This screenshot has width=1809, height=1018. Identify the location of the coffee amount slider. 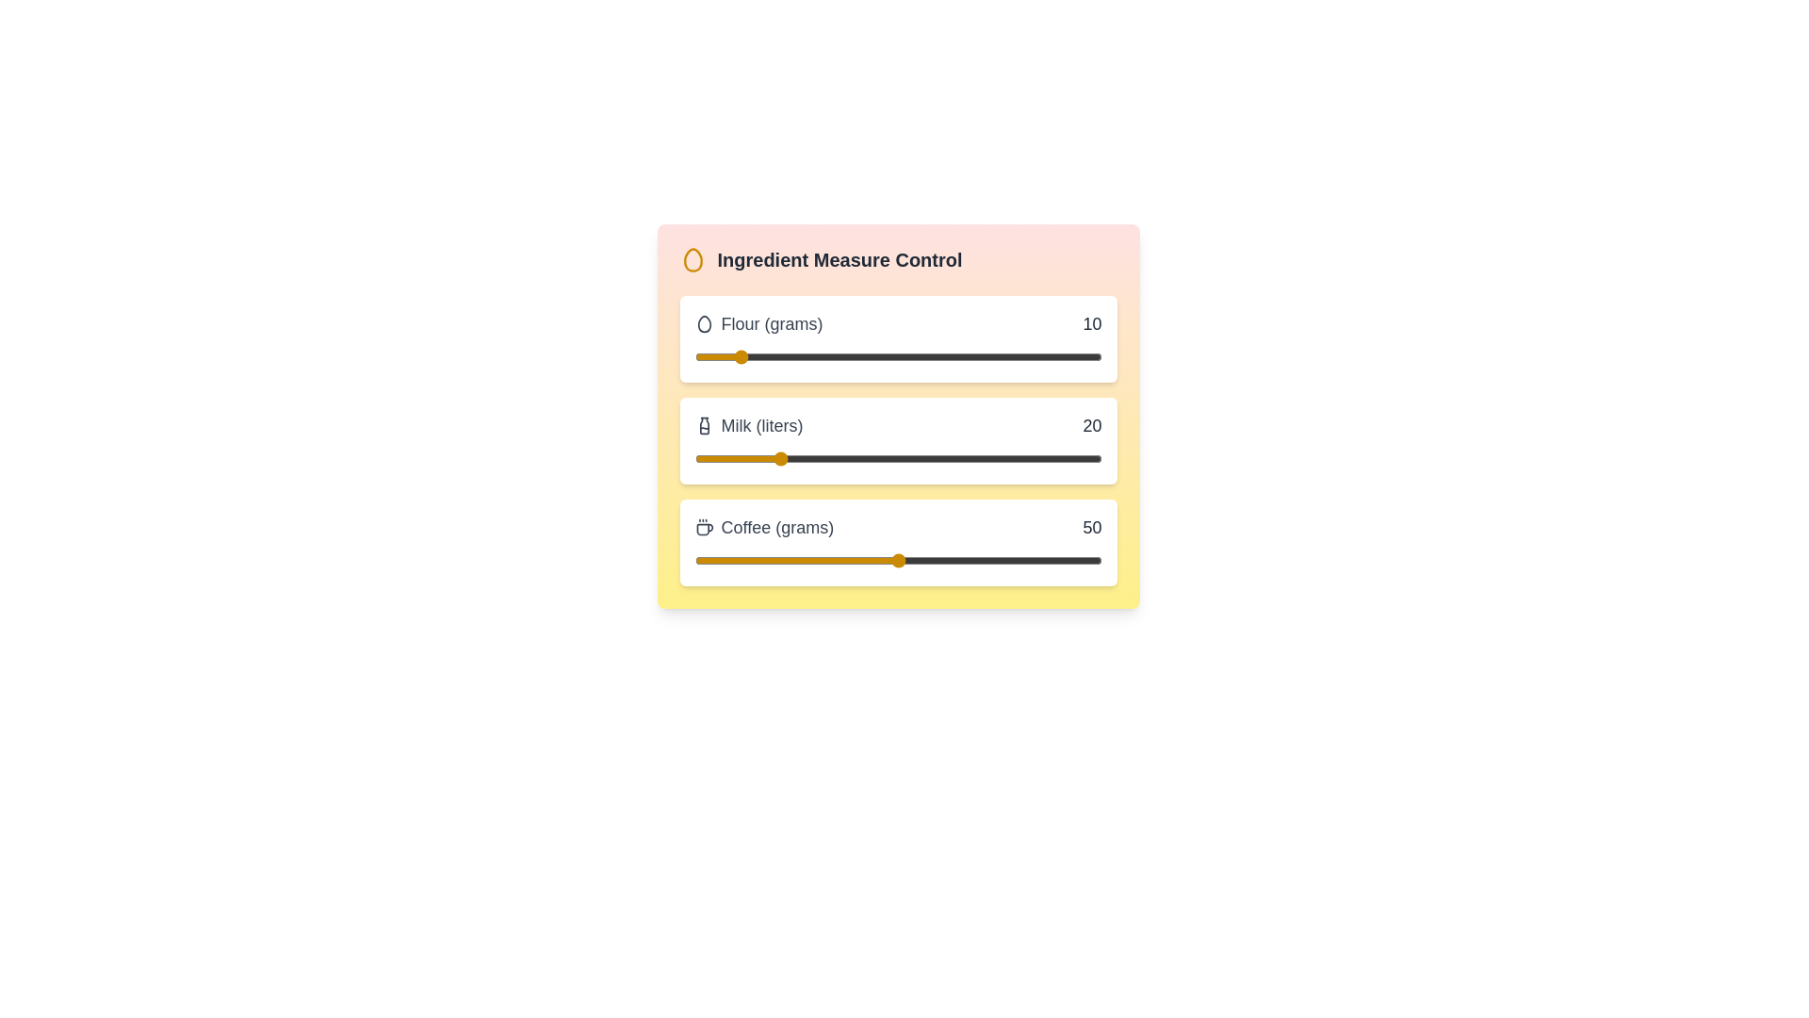
(697, 559).